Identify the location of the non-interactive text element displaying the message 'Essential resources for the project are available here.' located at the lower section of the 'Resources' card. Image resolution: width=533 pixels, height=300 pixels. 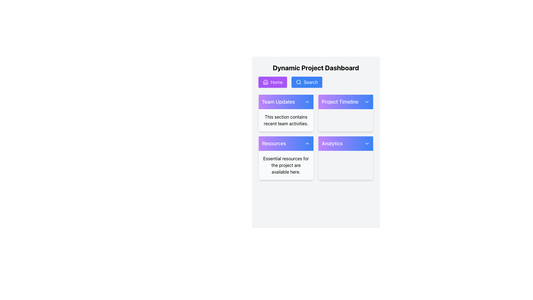
(286, 165).